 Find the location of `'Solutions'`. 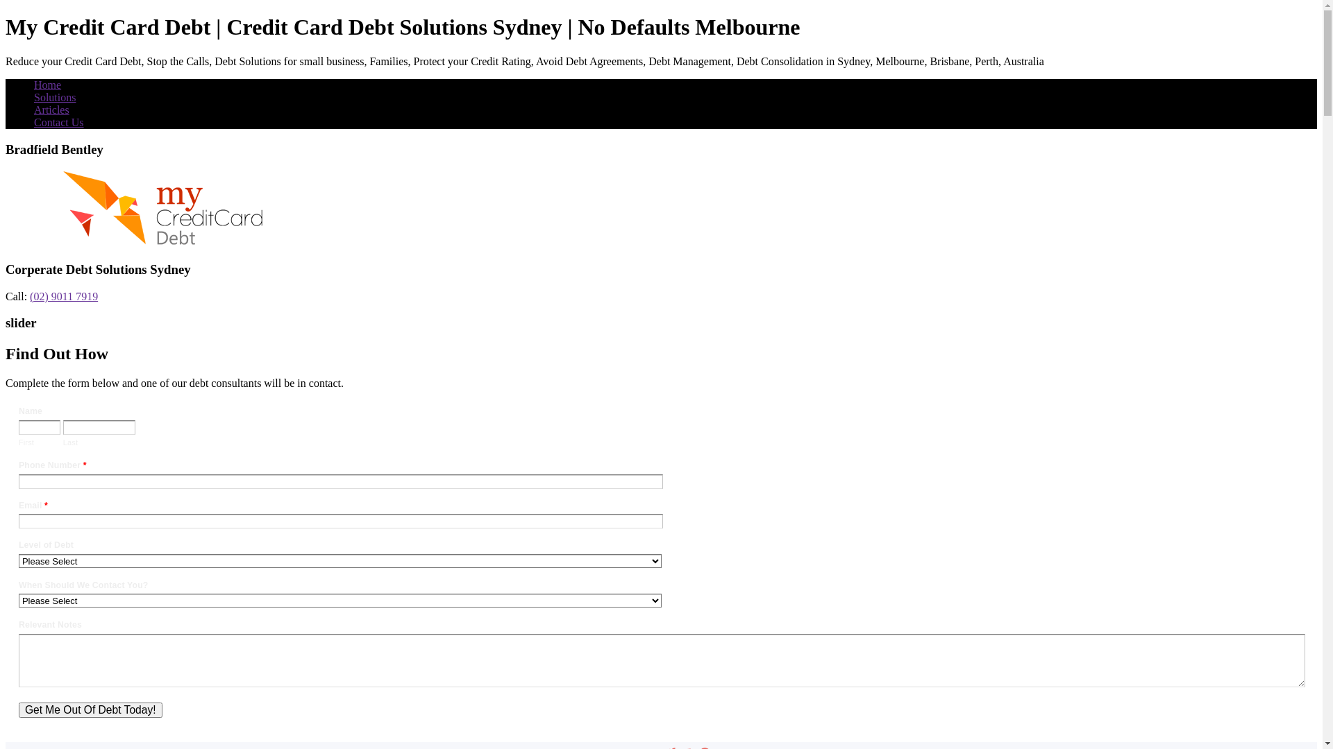

'Solutions' is located at coordinates (54, 96).